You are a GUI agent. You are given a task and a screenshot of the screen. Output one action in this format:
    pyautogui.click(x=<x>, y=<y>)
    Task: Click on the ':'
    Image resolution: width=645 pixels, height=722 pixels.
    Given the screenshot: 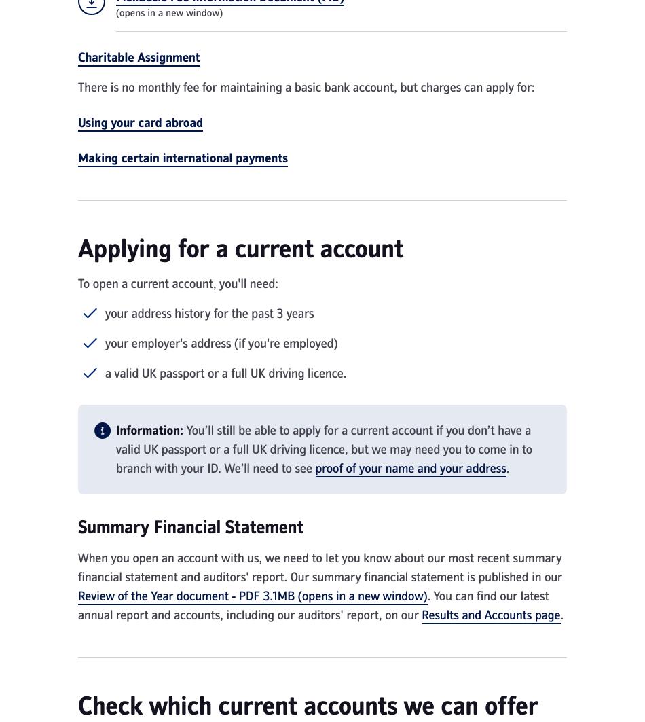 What is the action you would take?
    pyautogui.click(x=179, y=429)
    